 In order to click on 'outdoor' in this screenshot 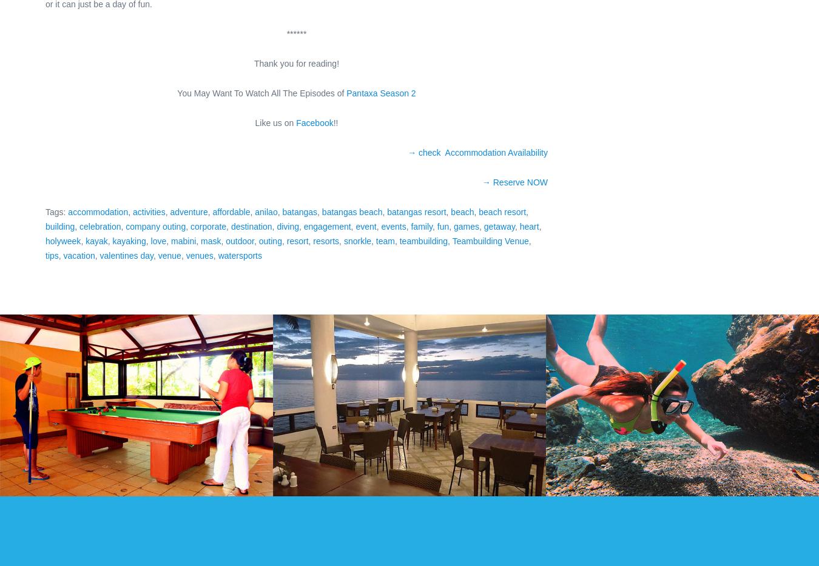, I will do `click(240, 240)`.